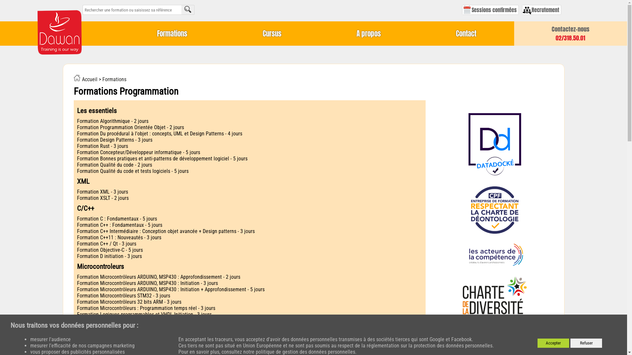 The image size is (632, 355). I want to click on 'Recrutement', so click(521, 10).